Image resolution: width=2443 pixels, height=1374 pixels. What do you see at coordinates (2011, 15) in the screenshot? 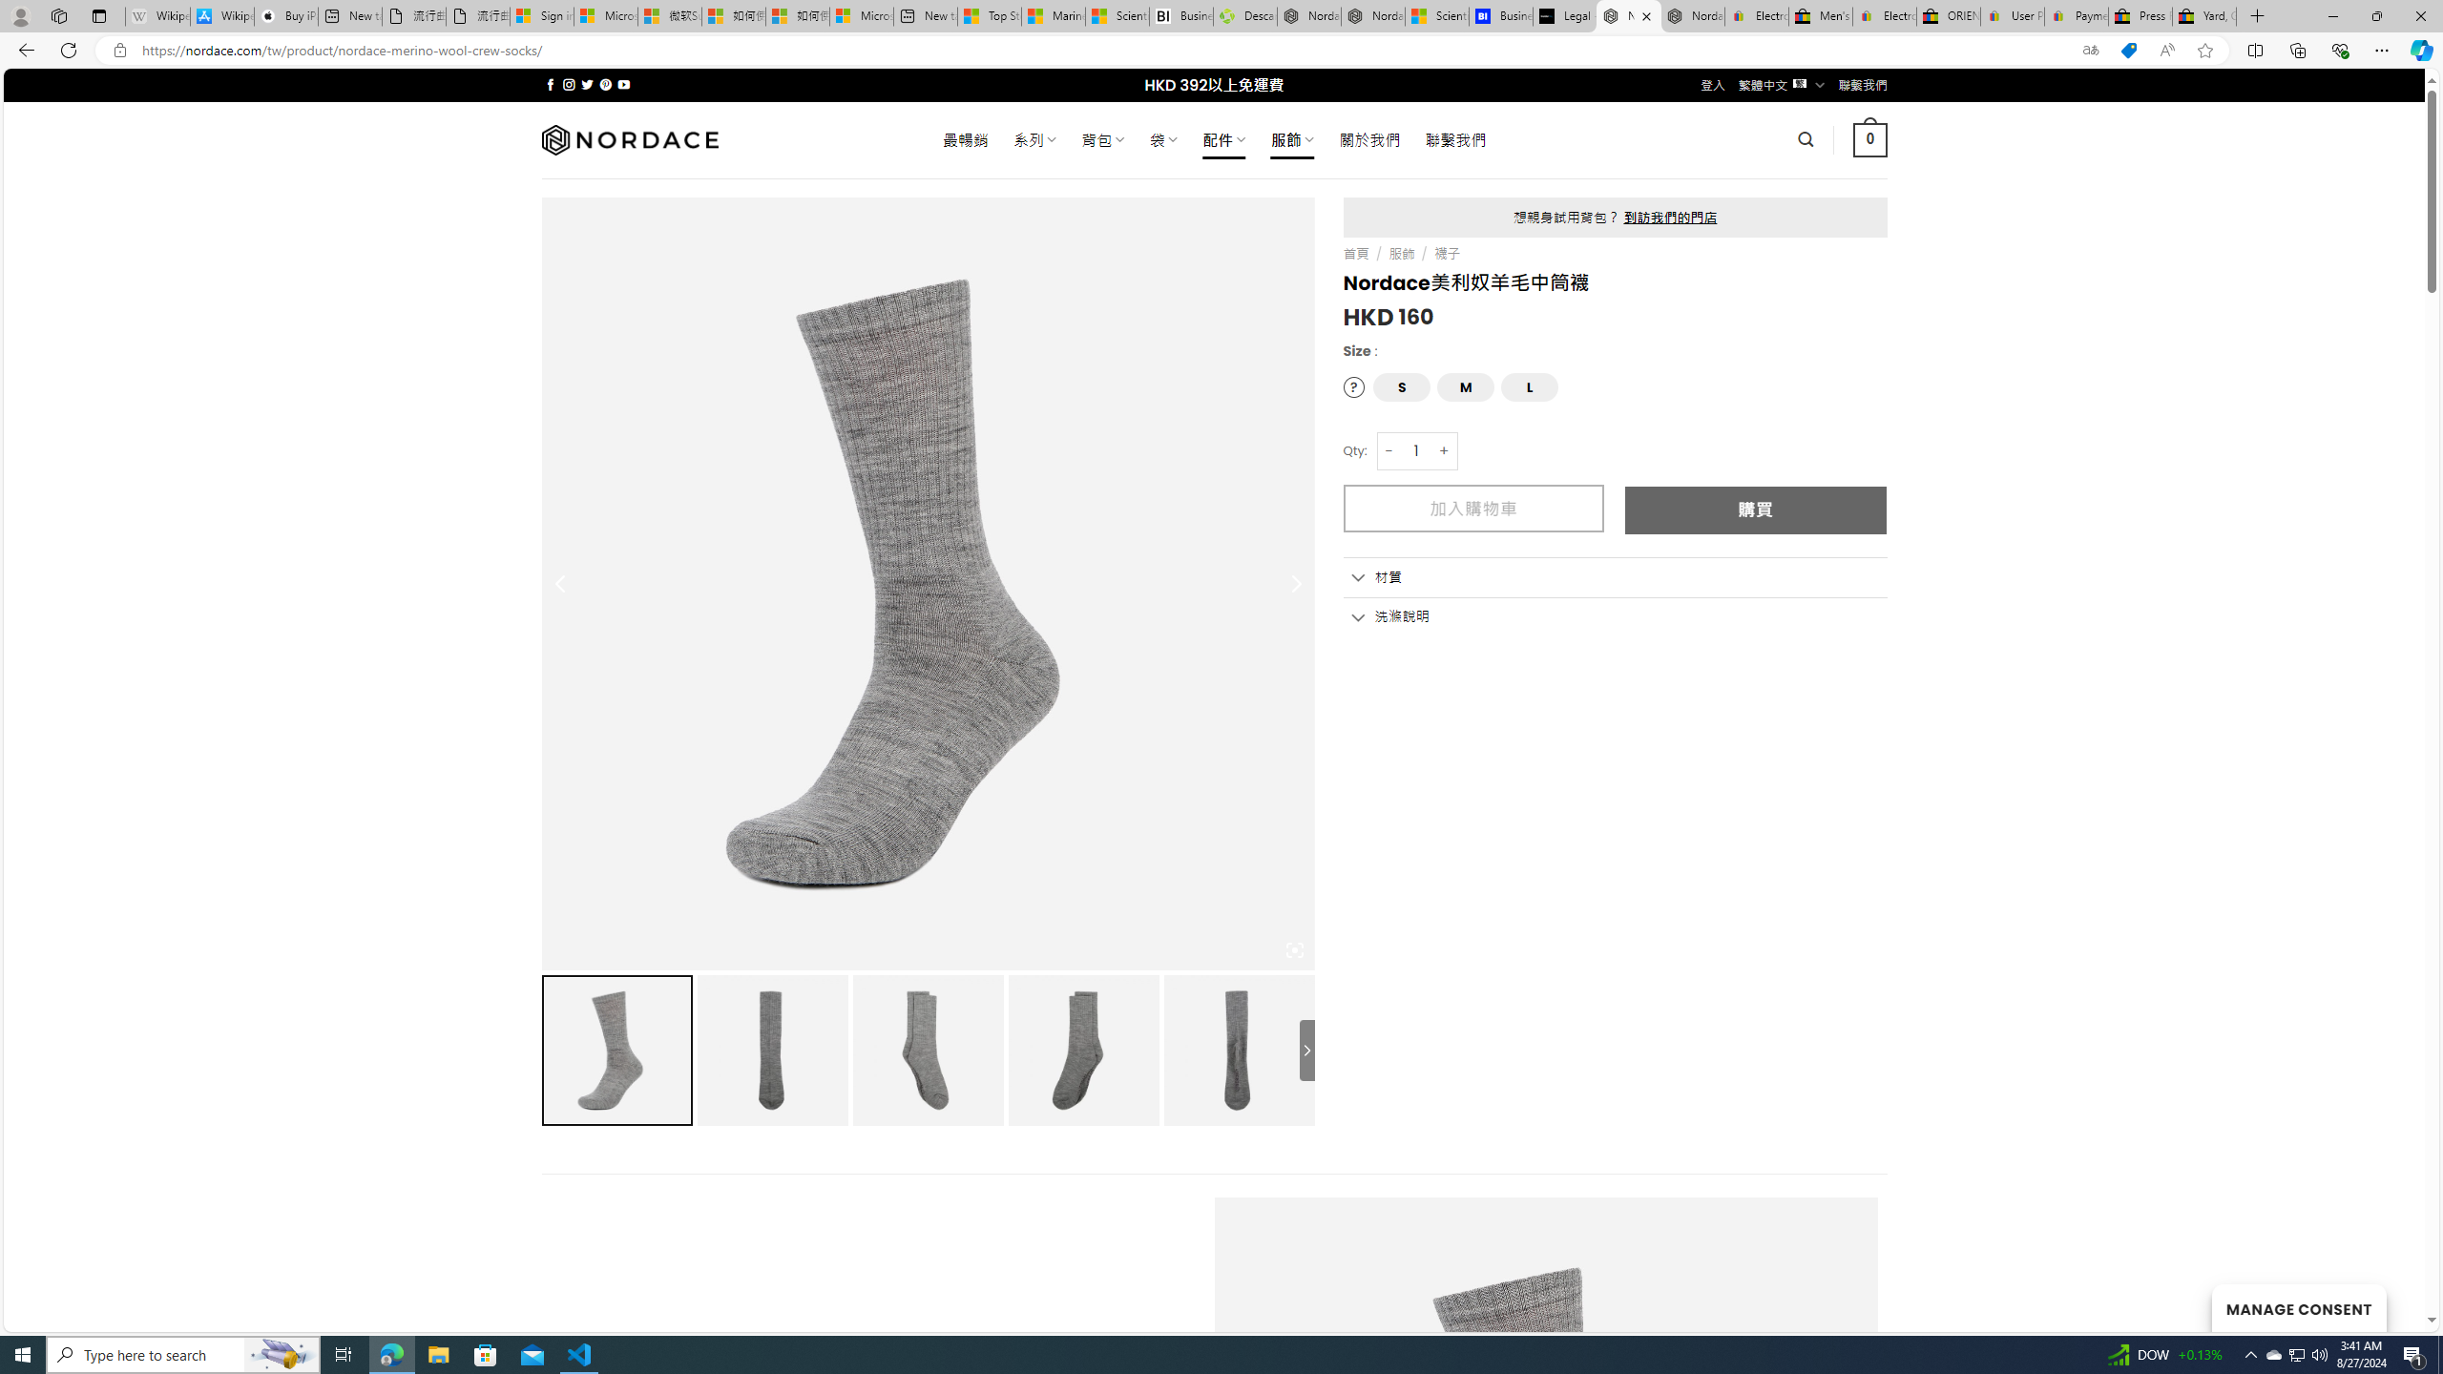
I see `'User Privacy Notice | eBay'` at bounding box center [2011, 15].